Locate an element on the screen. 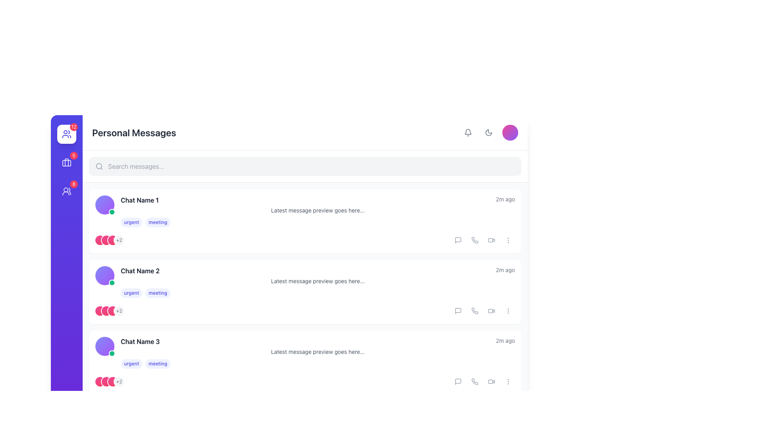 The height and width of the screenshot is (429, 763). the circular Avatar component with a smooth gradient from pink to violet, located in the upper-right corner of the interface is located at coordinates (510, 132).